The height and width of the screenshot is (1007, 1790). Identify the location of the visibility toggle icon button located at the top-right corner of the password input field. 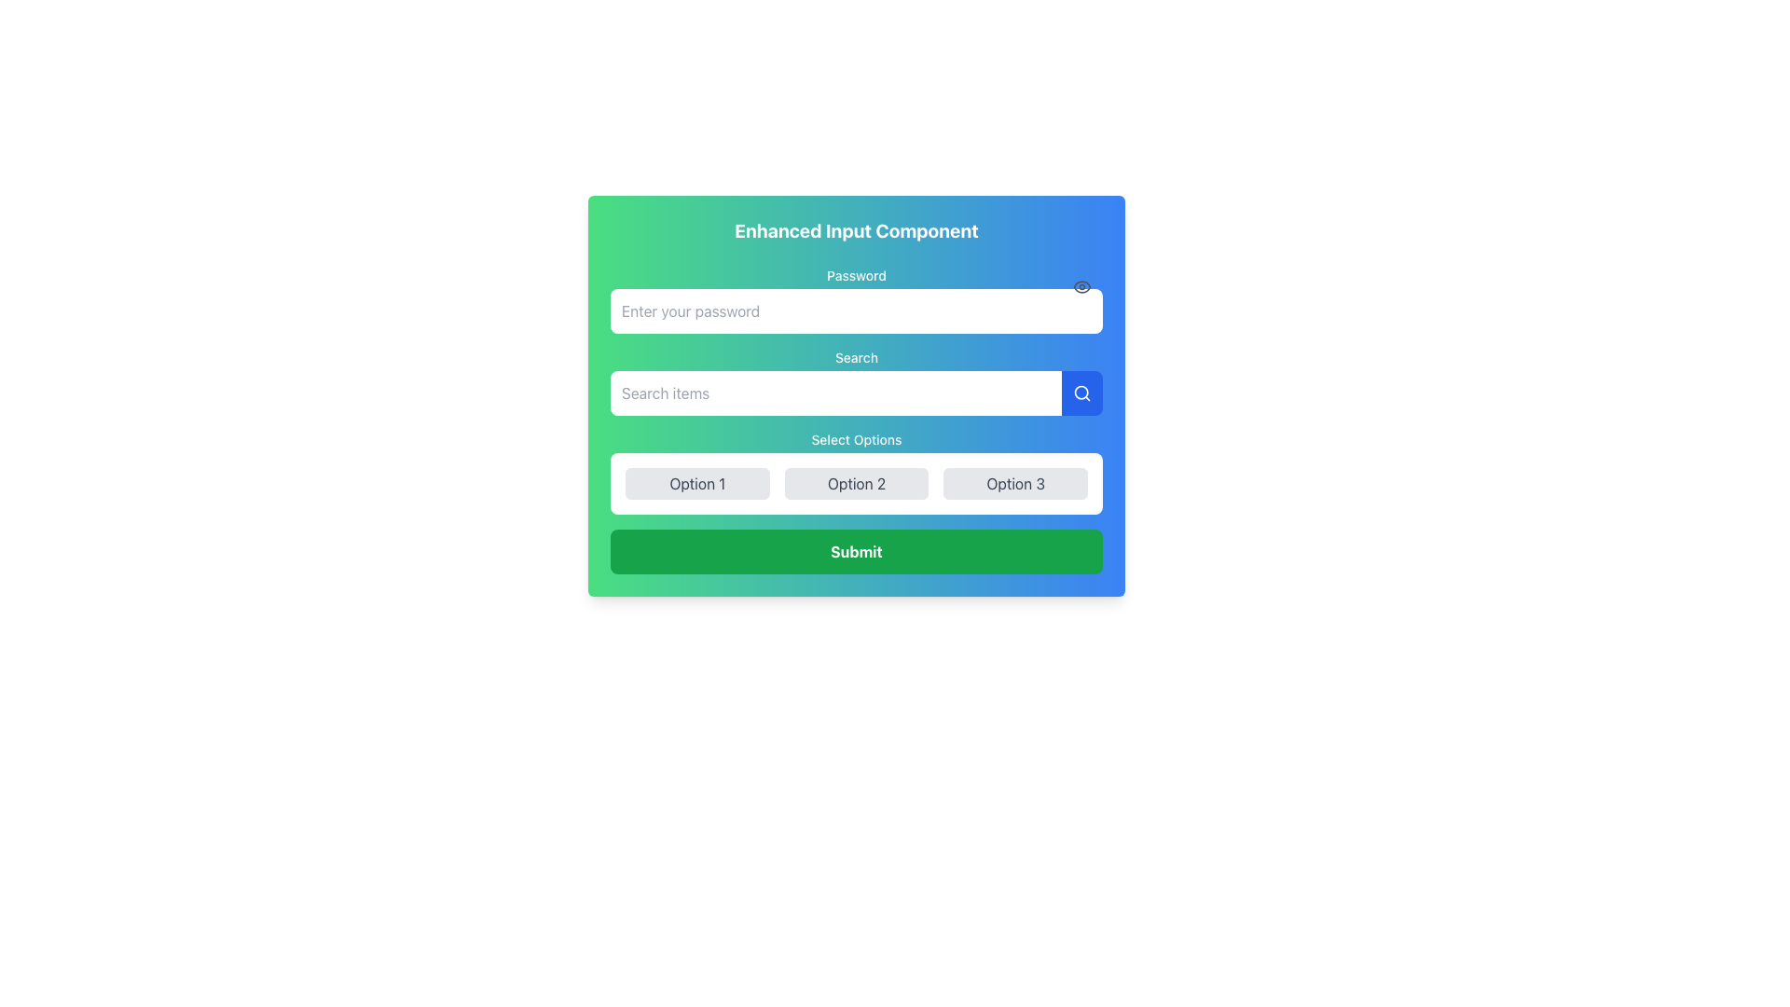
(1082, 287).